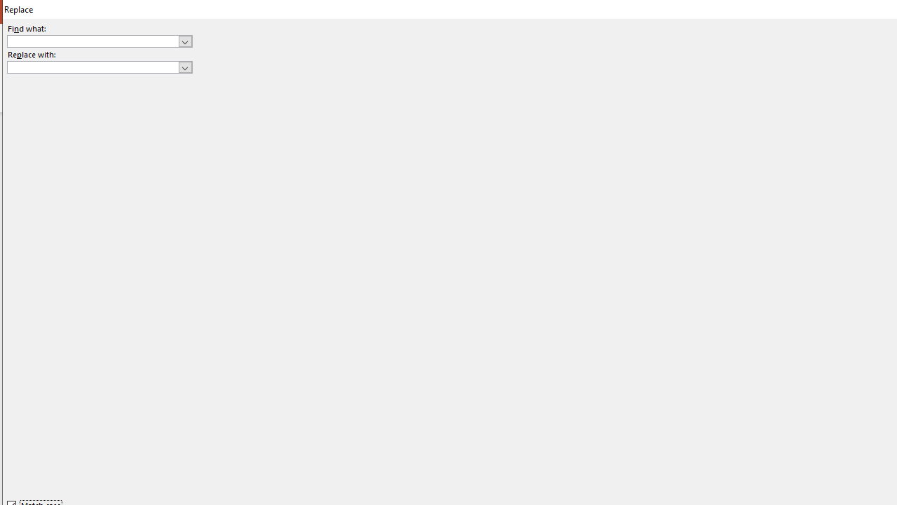 This screenshot has height=505, width=897. Describe the element at coordinates (99, 40) in the screenshot. I see `'Find what'` at that location.